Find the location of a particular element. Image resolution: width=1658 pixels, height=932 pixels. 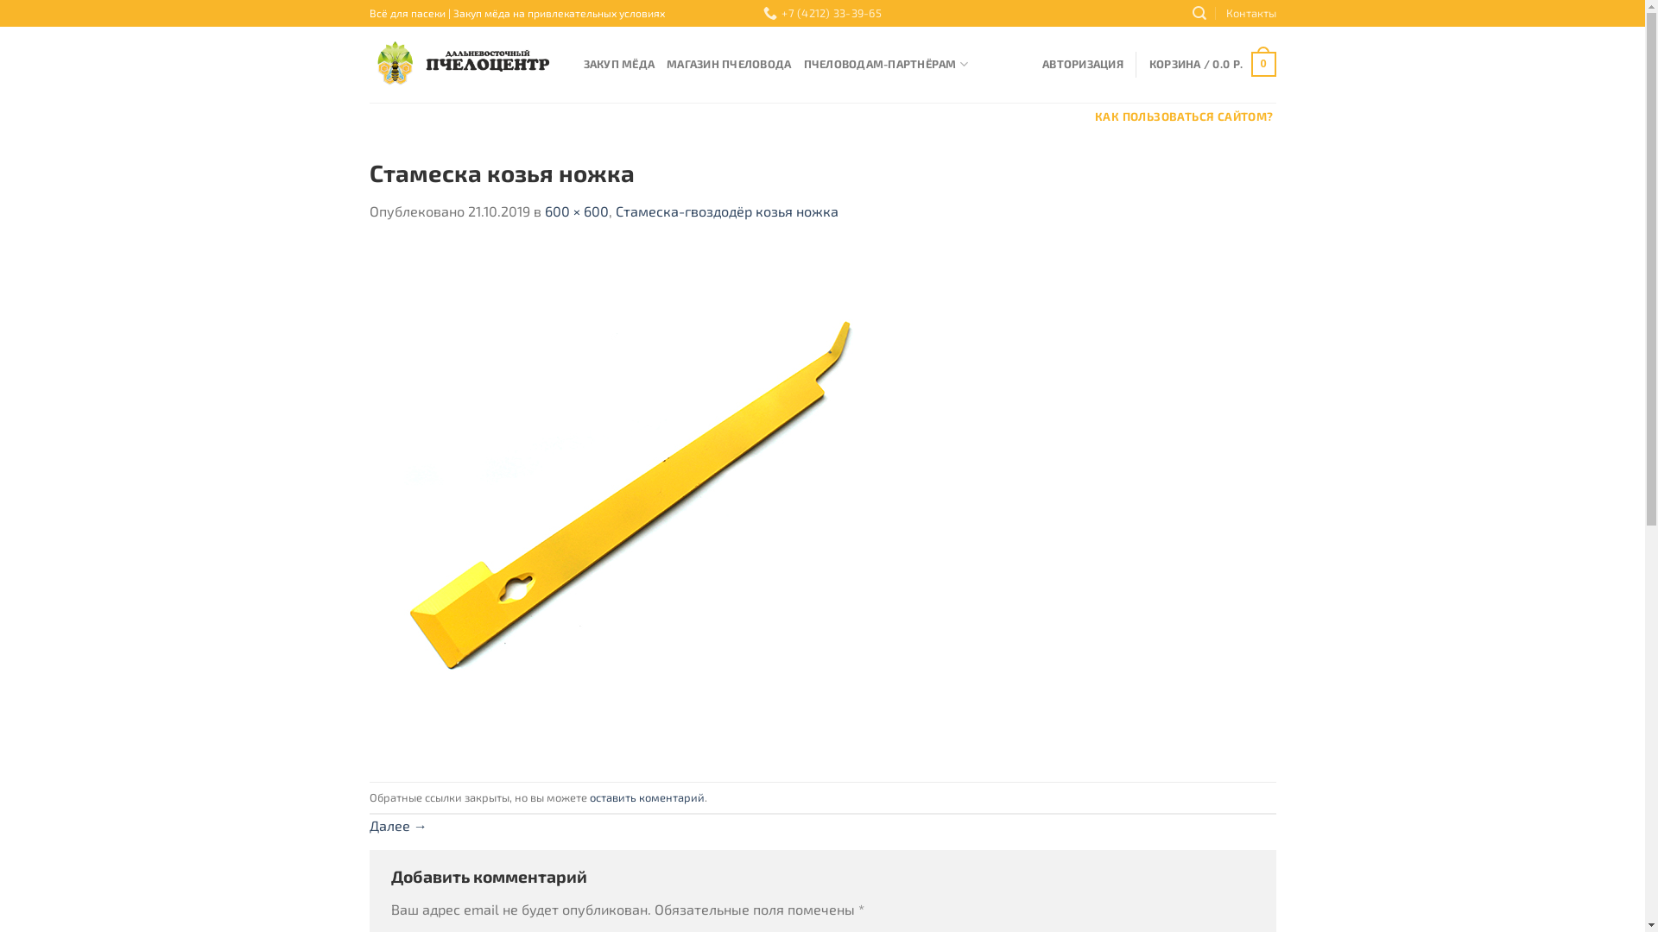

'+7 (4212) 33-39-65' is located at coordinates (821, 13).